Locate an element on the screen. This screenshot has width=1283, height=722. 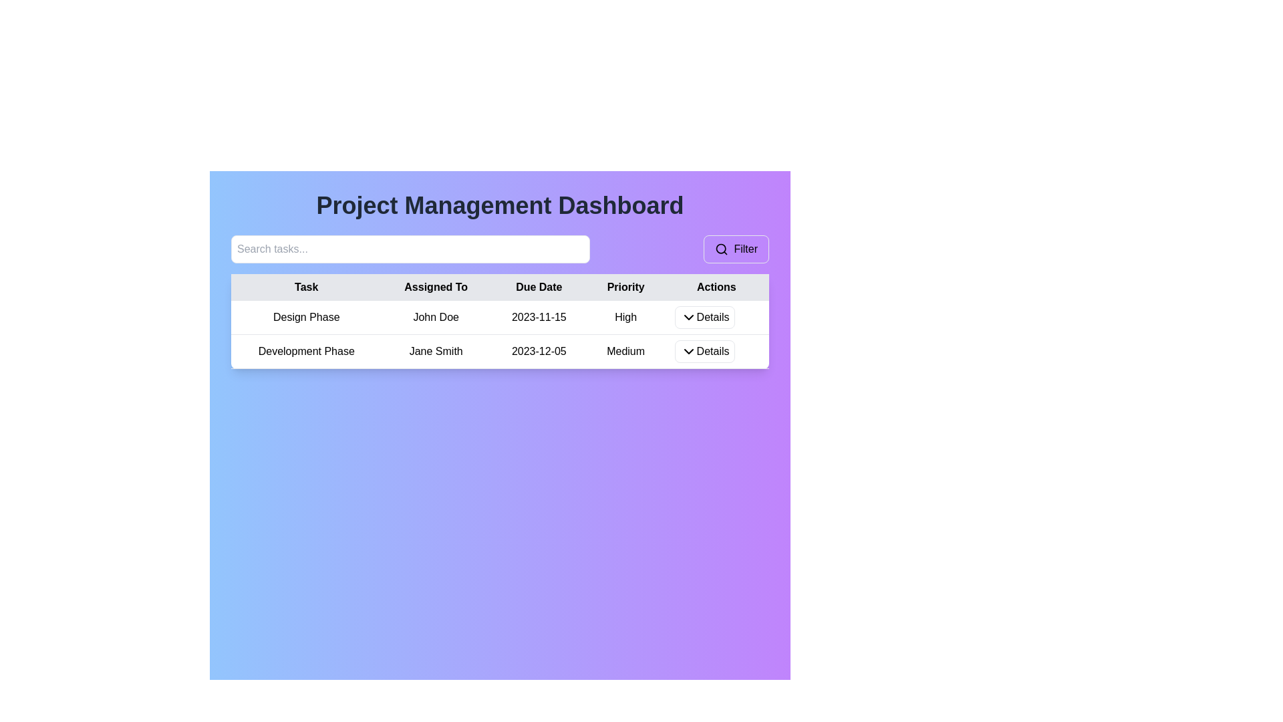
the downward-pointing chevron icon located to the left of the 'Details' label in the first row of the 'Actions' column is located at coordinates (688, 317).